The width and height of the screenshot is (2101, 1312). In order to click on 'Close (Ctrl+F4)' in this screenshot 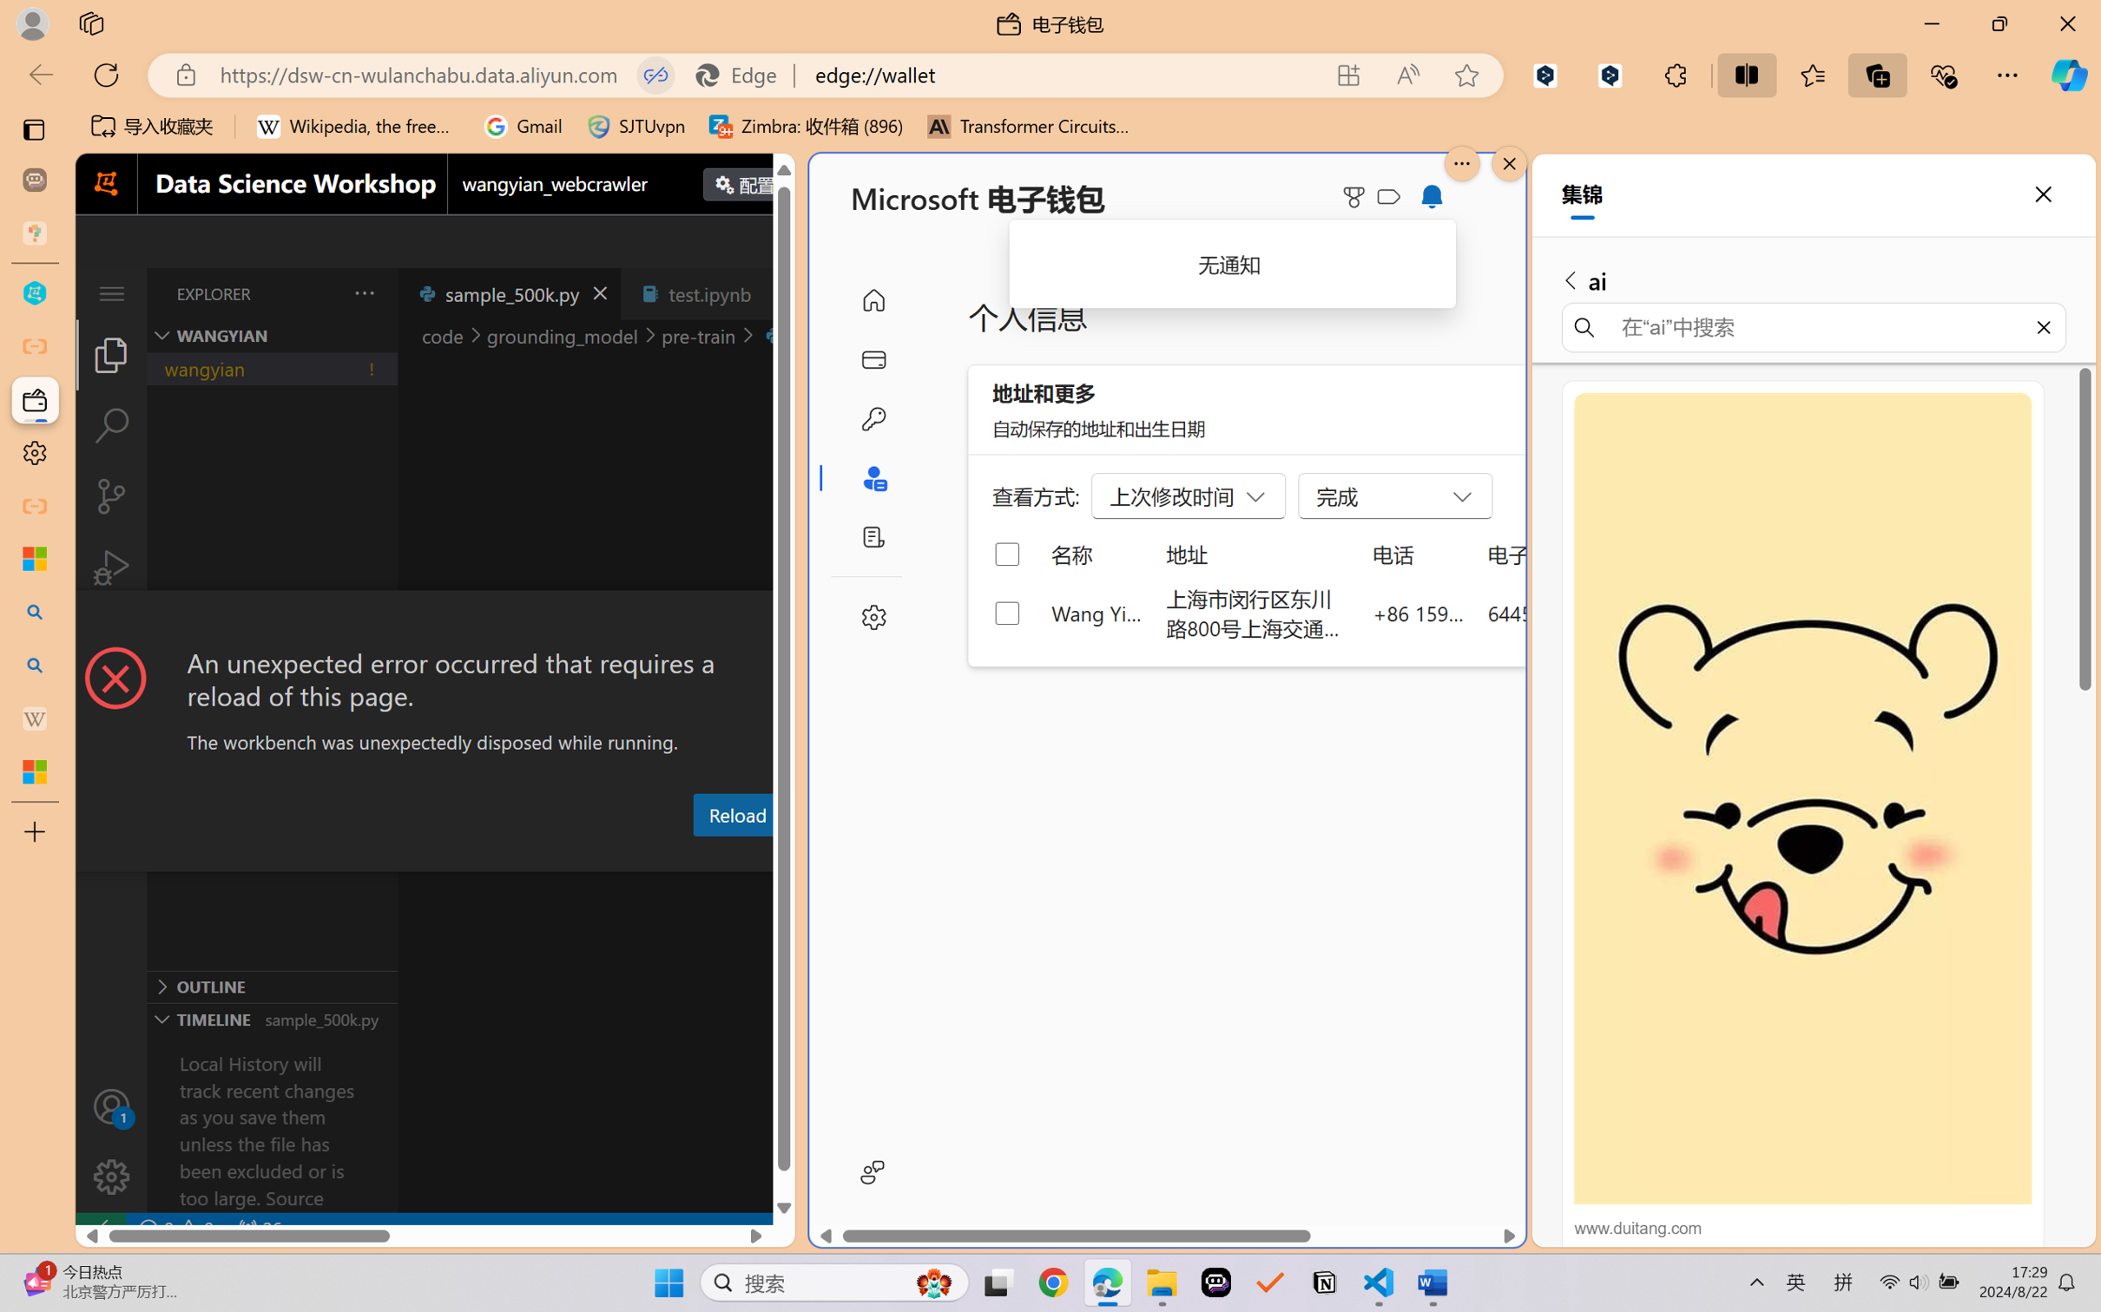, I will do `click(774, 292)`.